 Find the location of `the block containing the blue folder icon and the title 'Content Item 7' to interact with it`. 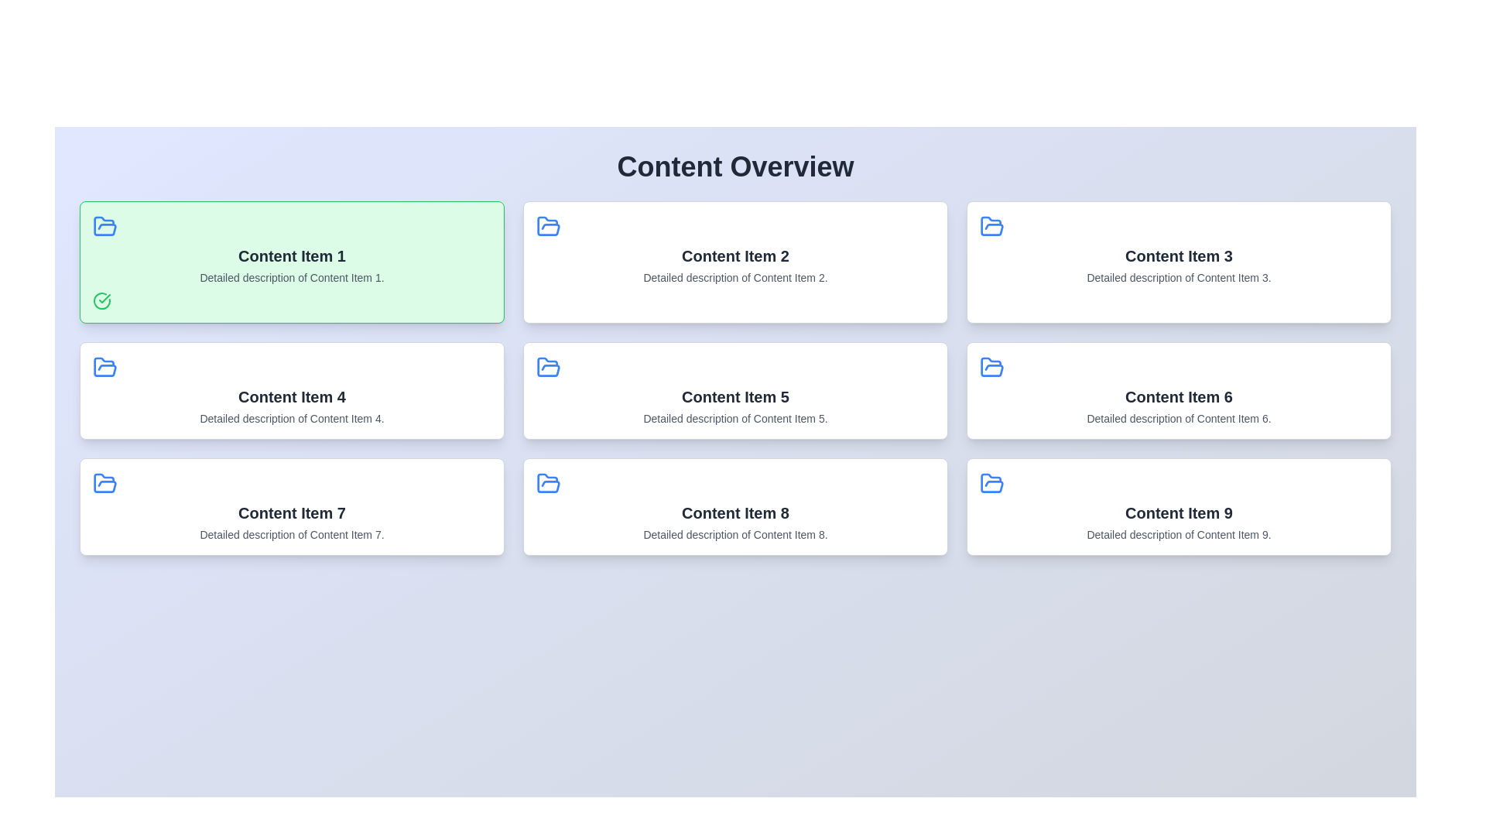

the block containing the blue folder icon and the title 'Content Item 7' to interact with it is located at coordinates (292, 507).